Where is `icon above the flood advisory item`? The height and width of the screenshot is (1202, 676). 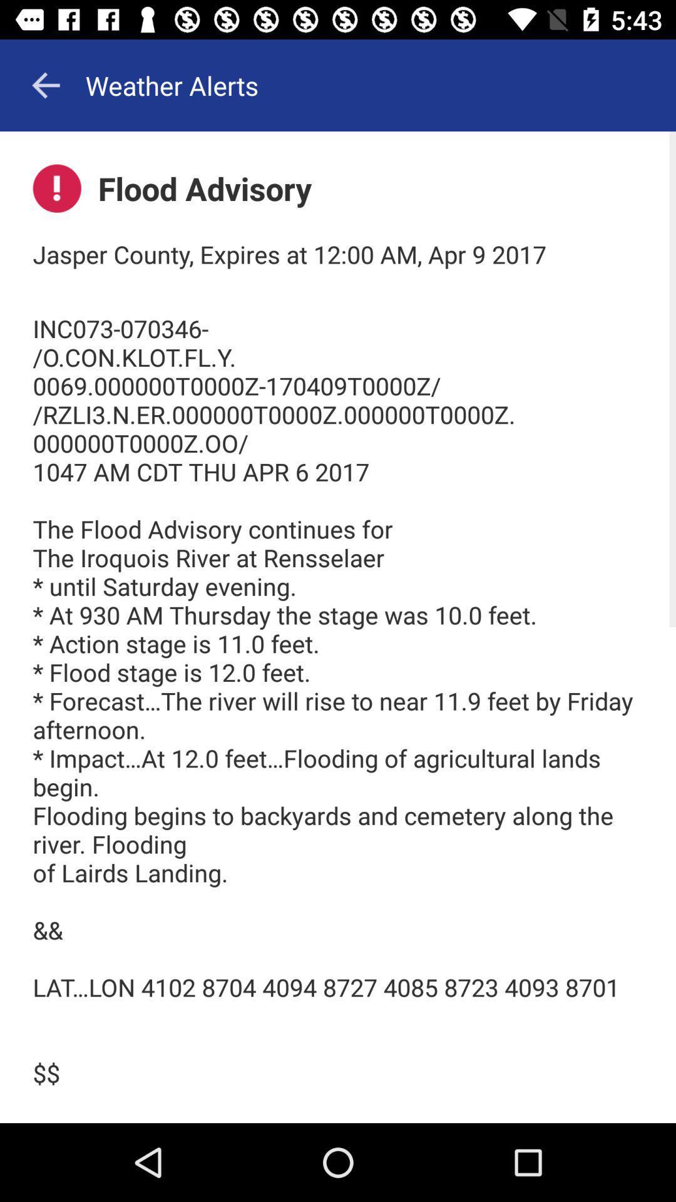
icon above the flood advisory item is located at coordinates (45, 85).